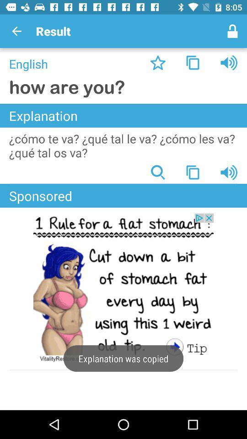 The image size is (247, 439). What do you see at coordinates (232, 31) in the screenshot?
I see `the item next to the result icon` at bounding box center [232, 31].